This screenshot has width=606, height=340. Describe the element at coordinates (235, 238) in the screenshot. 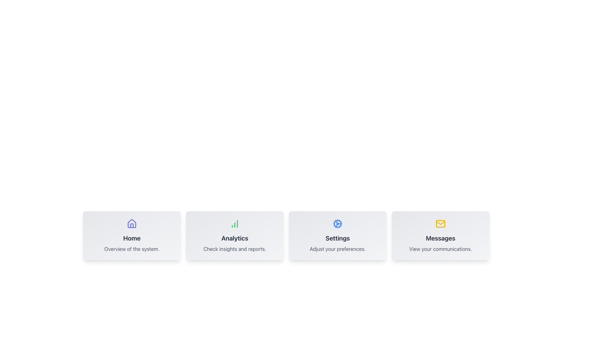

I see `the 'Analytics' text label, which is bold and large-sized, centered below a green bar chart icon, and above the 'Check insights and reports' text` at that location.